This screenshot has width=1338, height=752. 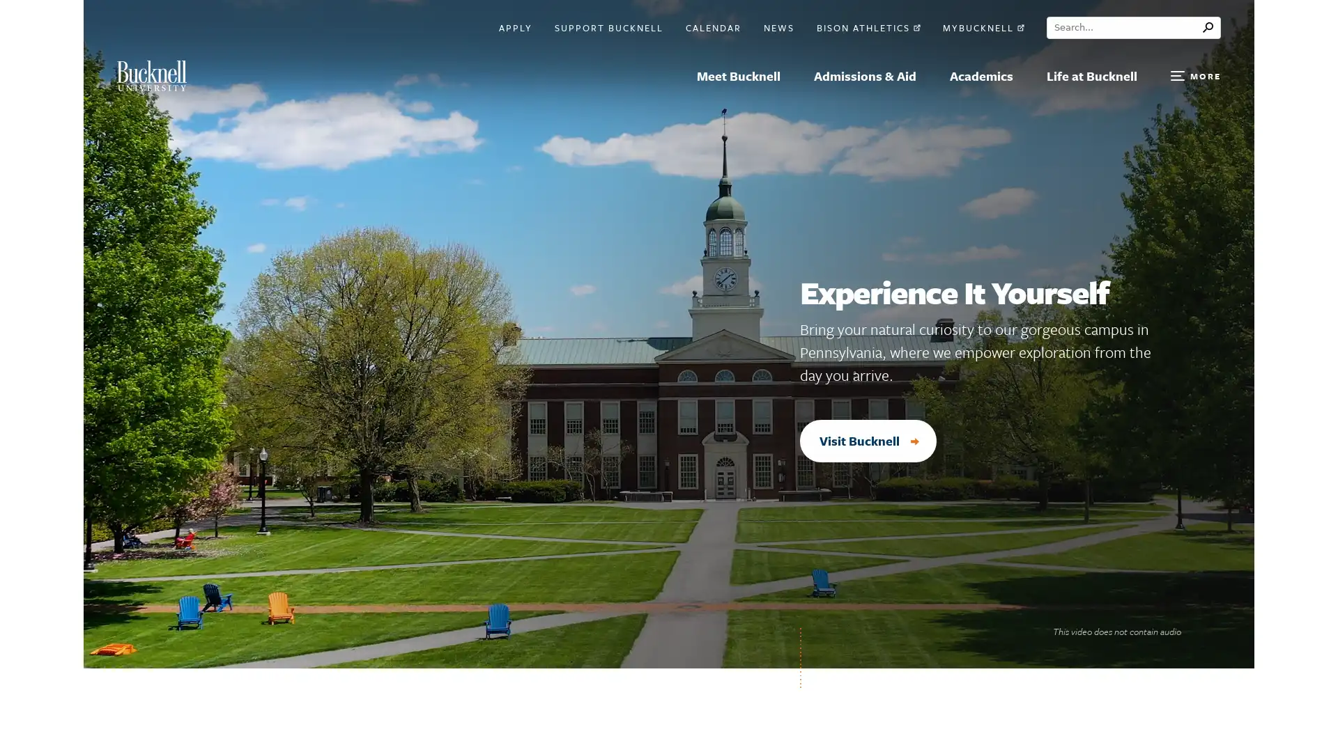 I want to click on Pause, so click(x=1206, y=632).